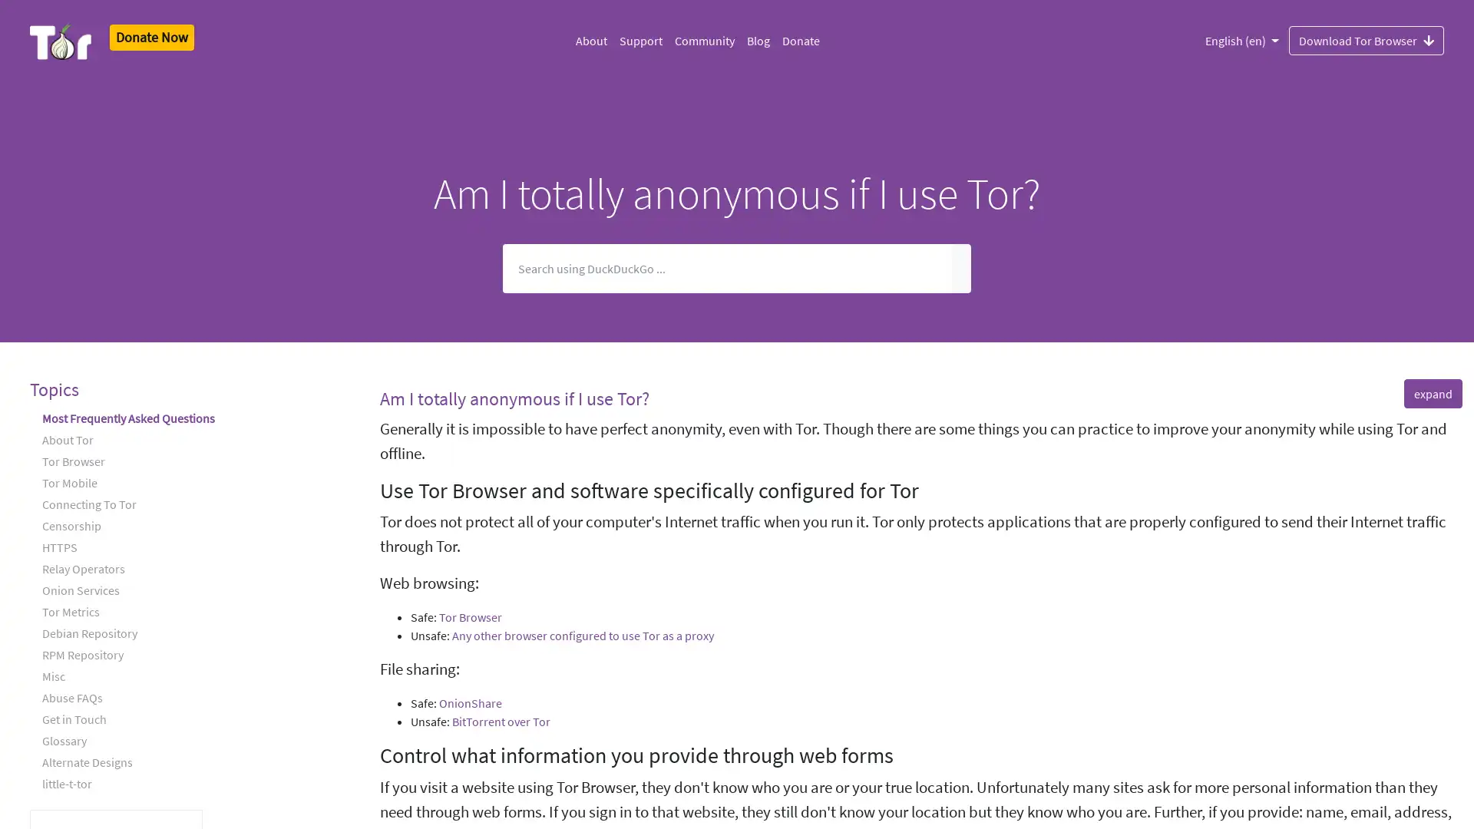  Describe the element at coordinates (190, 761) in the screenshot. I see `Alternate Designs` at that location.